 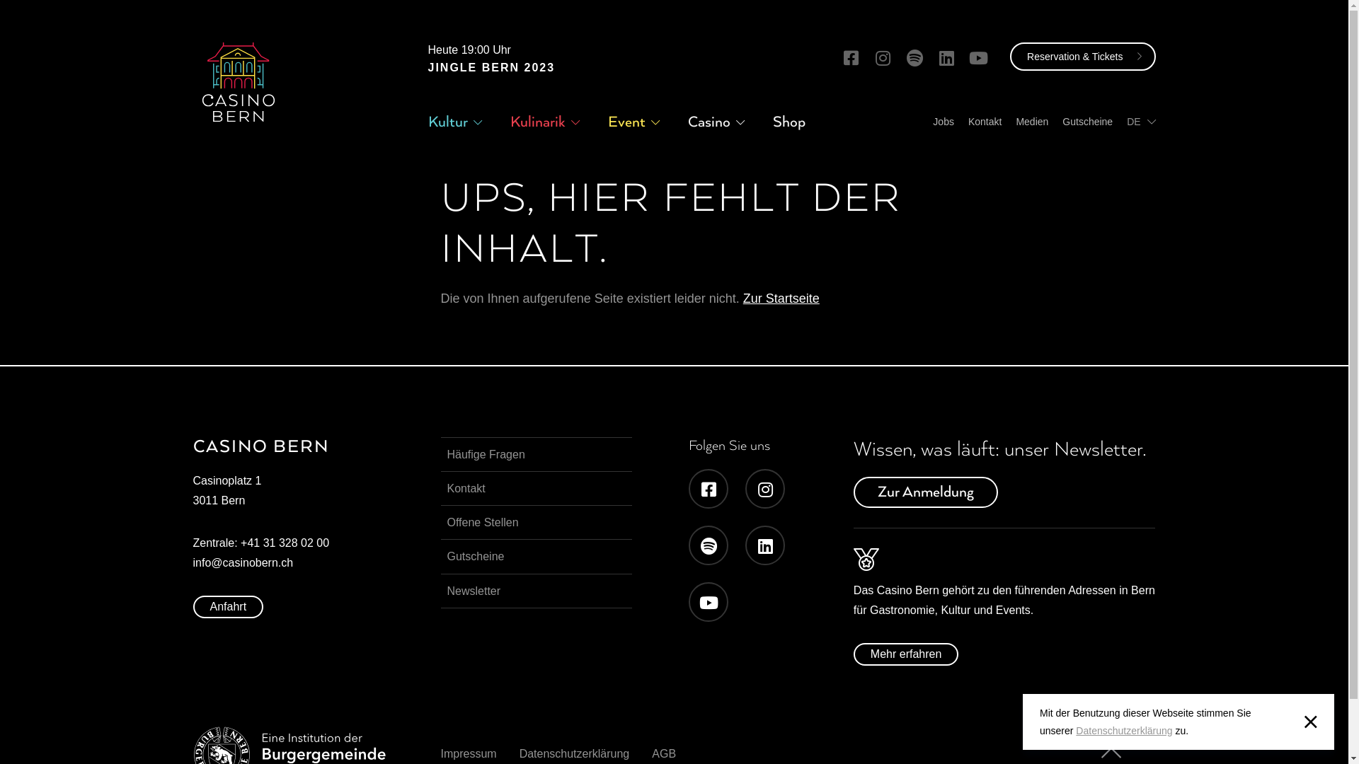 I want to click on 'Casino', so click(x=709, y=121).